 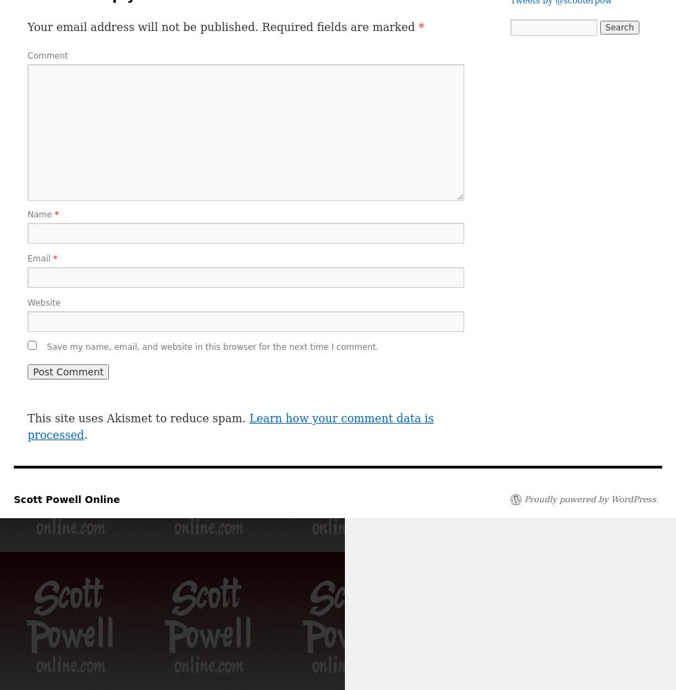 What do you see at coordinates (66, 499) in the screenshot?
I see `'Scott Powell Online'` at bounding box center [66, 499].